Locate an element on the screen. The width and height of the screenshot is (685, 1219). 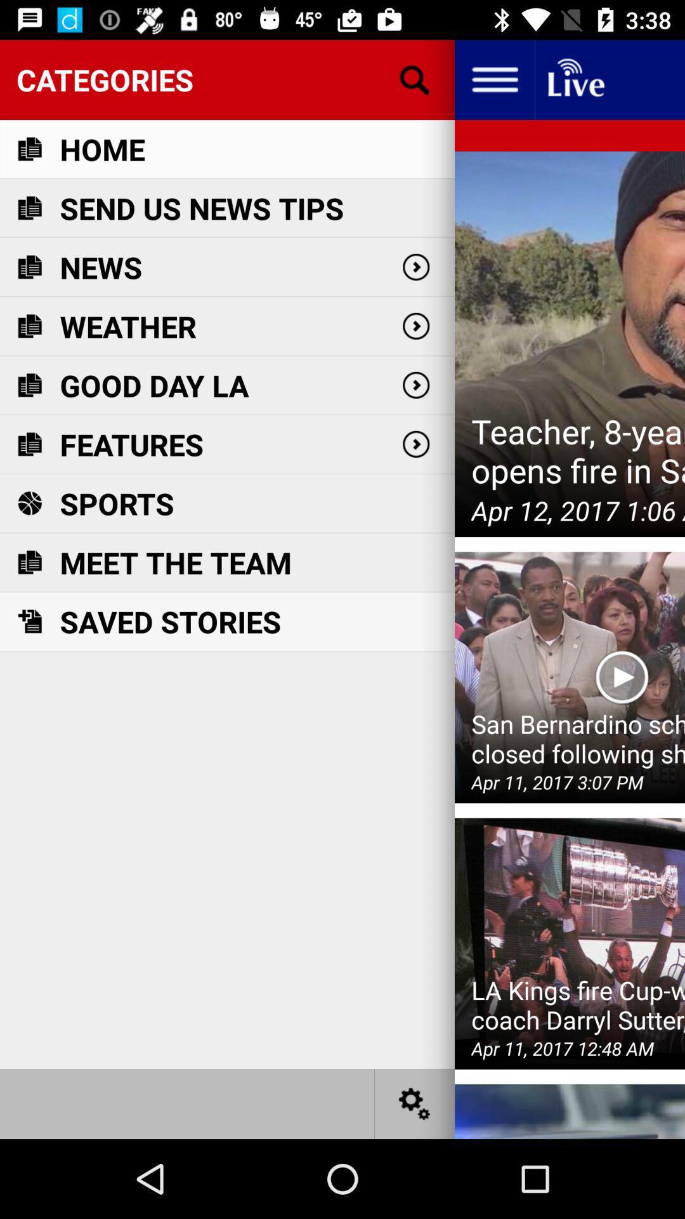
live stream current news events is located at coordinates (575, 79).